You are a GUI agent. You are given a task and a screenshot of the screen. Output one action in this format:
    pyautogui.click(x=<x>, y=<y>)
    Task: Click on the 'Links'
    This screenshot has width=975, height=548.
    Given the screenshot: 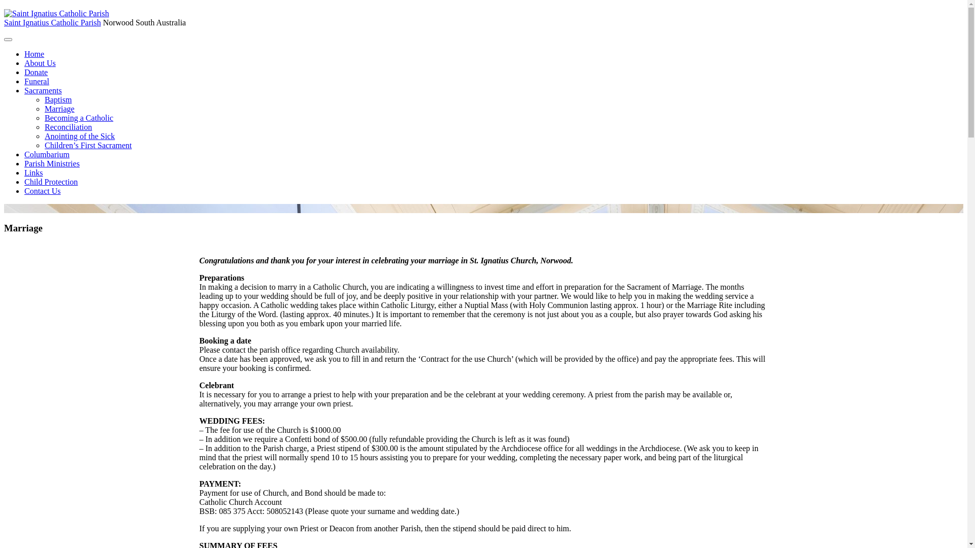 What is the action you would take?
    pyautogui.click(x=24, y=172)
    